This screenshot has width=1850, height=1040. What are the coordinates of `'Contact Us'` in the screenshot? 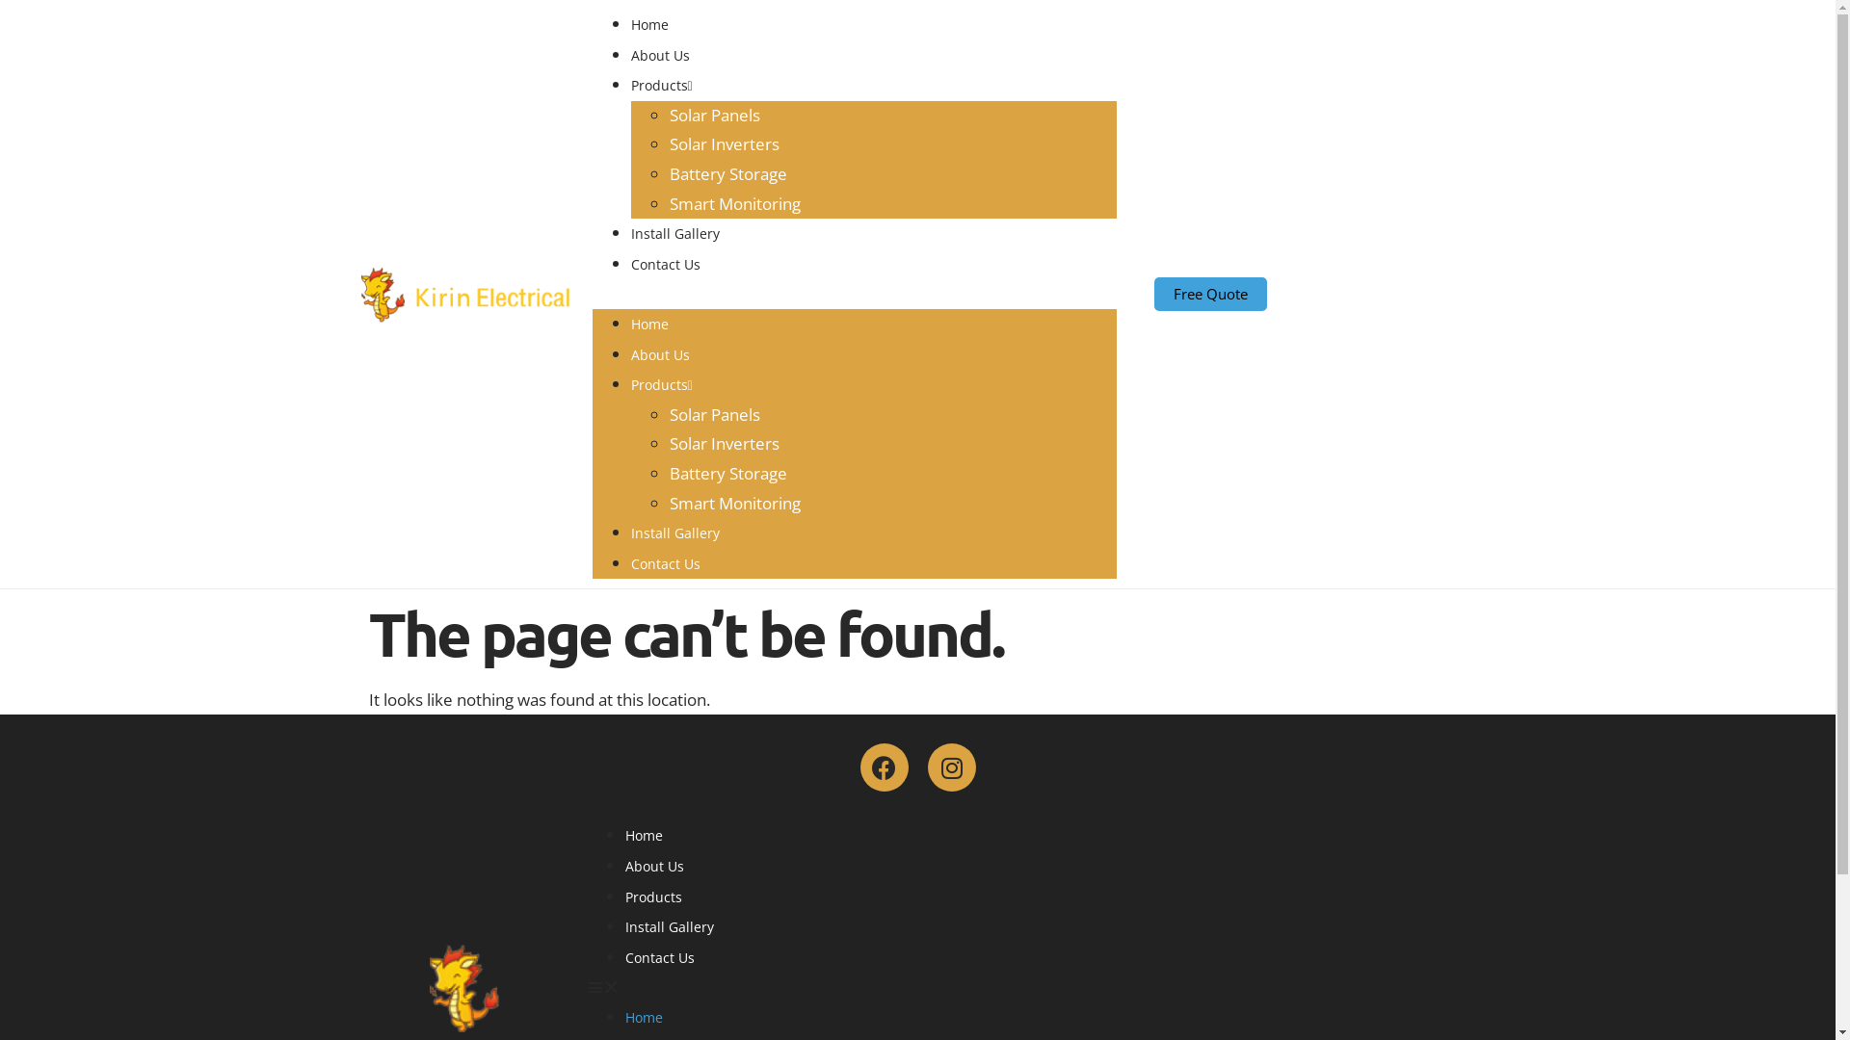 It's located at (665, 563).